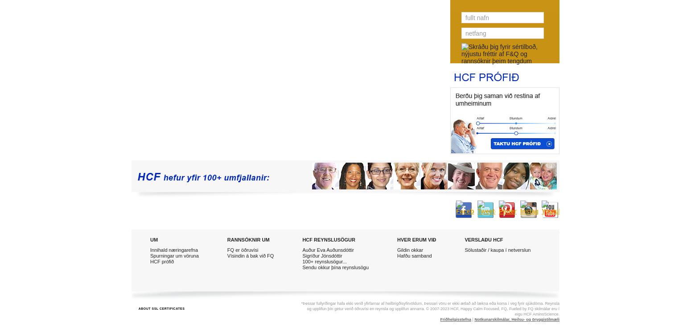 The height and width of the screenshot is (328, 691). Describe the element at coordinates (301, 249) in the screenshot. I see `'Auður Eva Auðunsdóttir'` at that location.